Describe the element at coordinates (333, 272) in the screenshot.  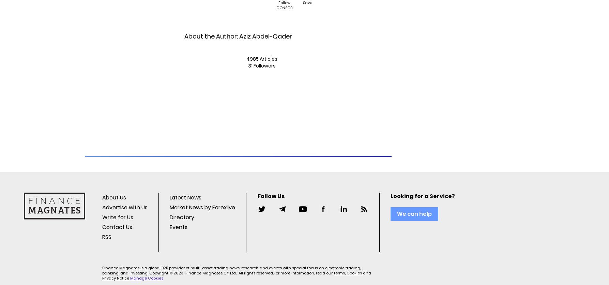
I see `'Terms,'` at that location.